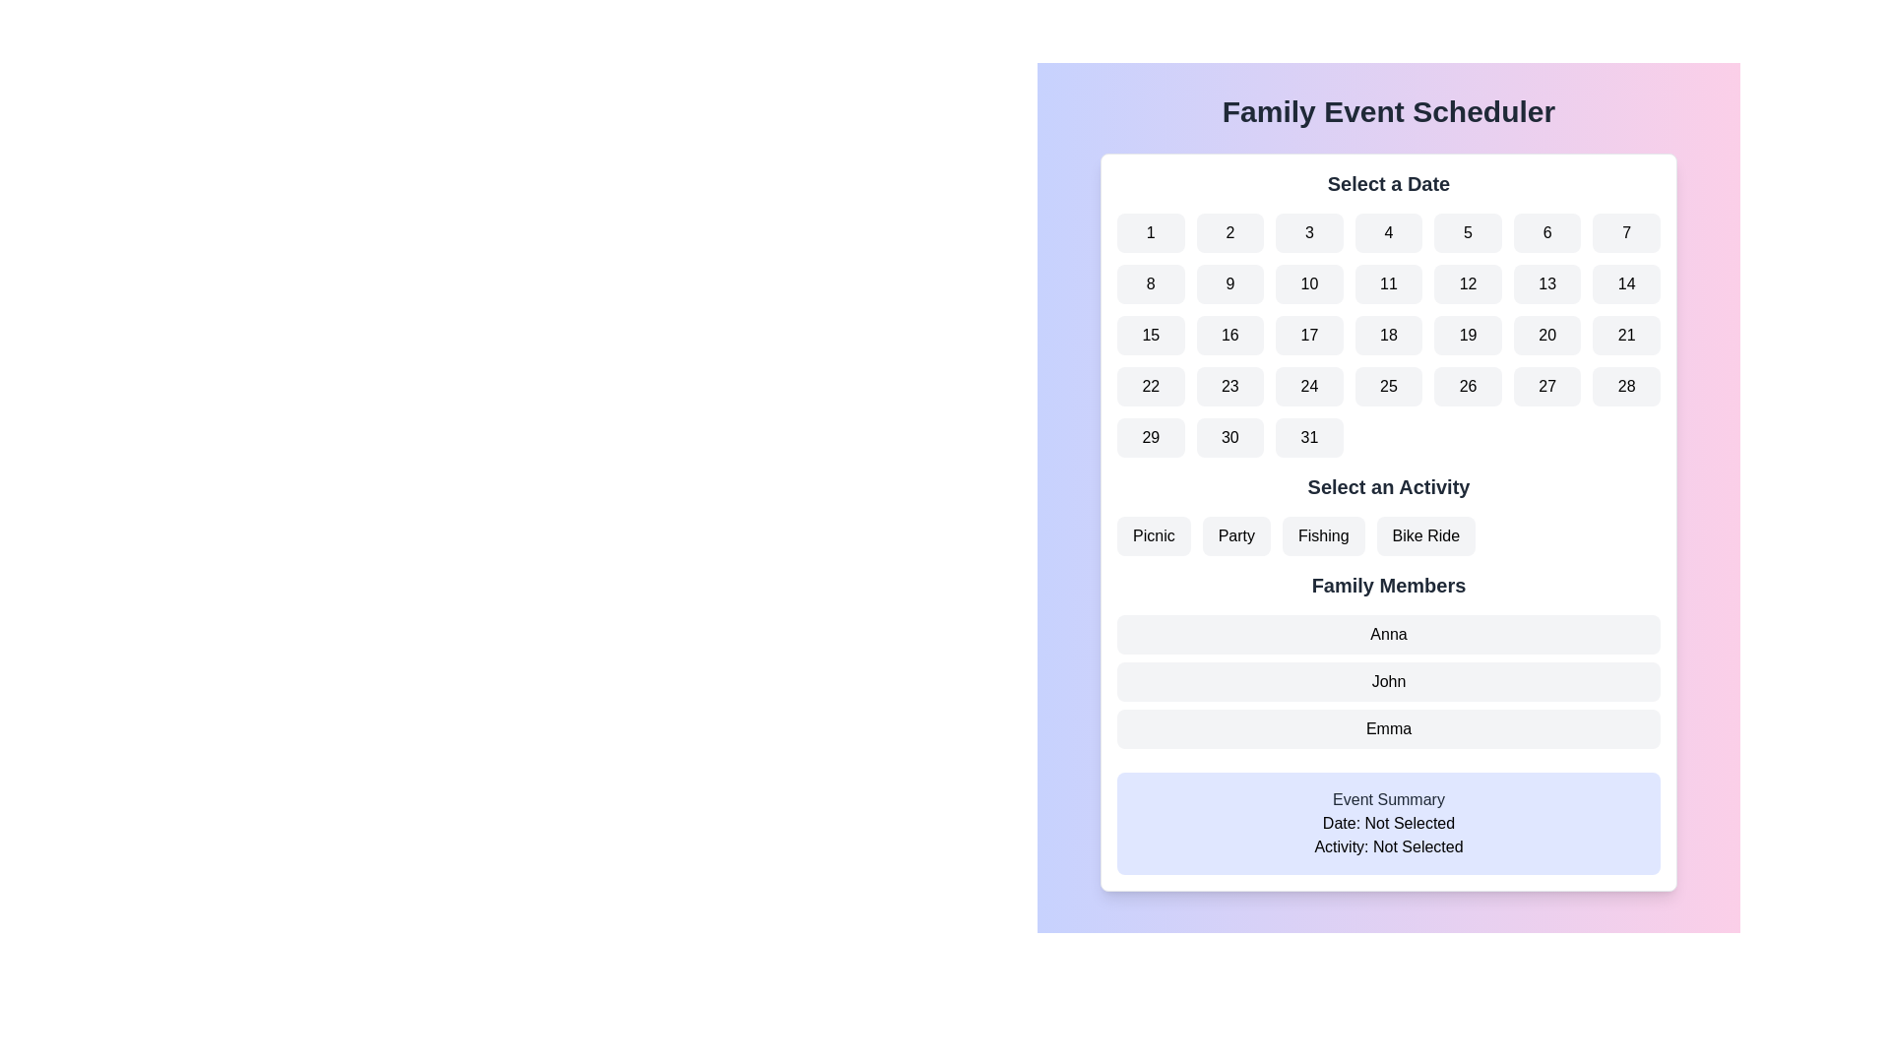  Describe the element at coordinates (1387, 231) in the screenshot. I see `the button representing date '4' in the grid layout under the label 'Select a Date'` at that location.